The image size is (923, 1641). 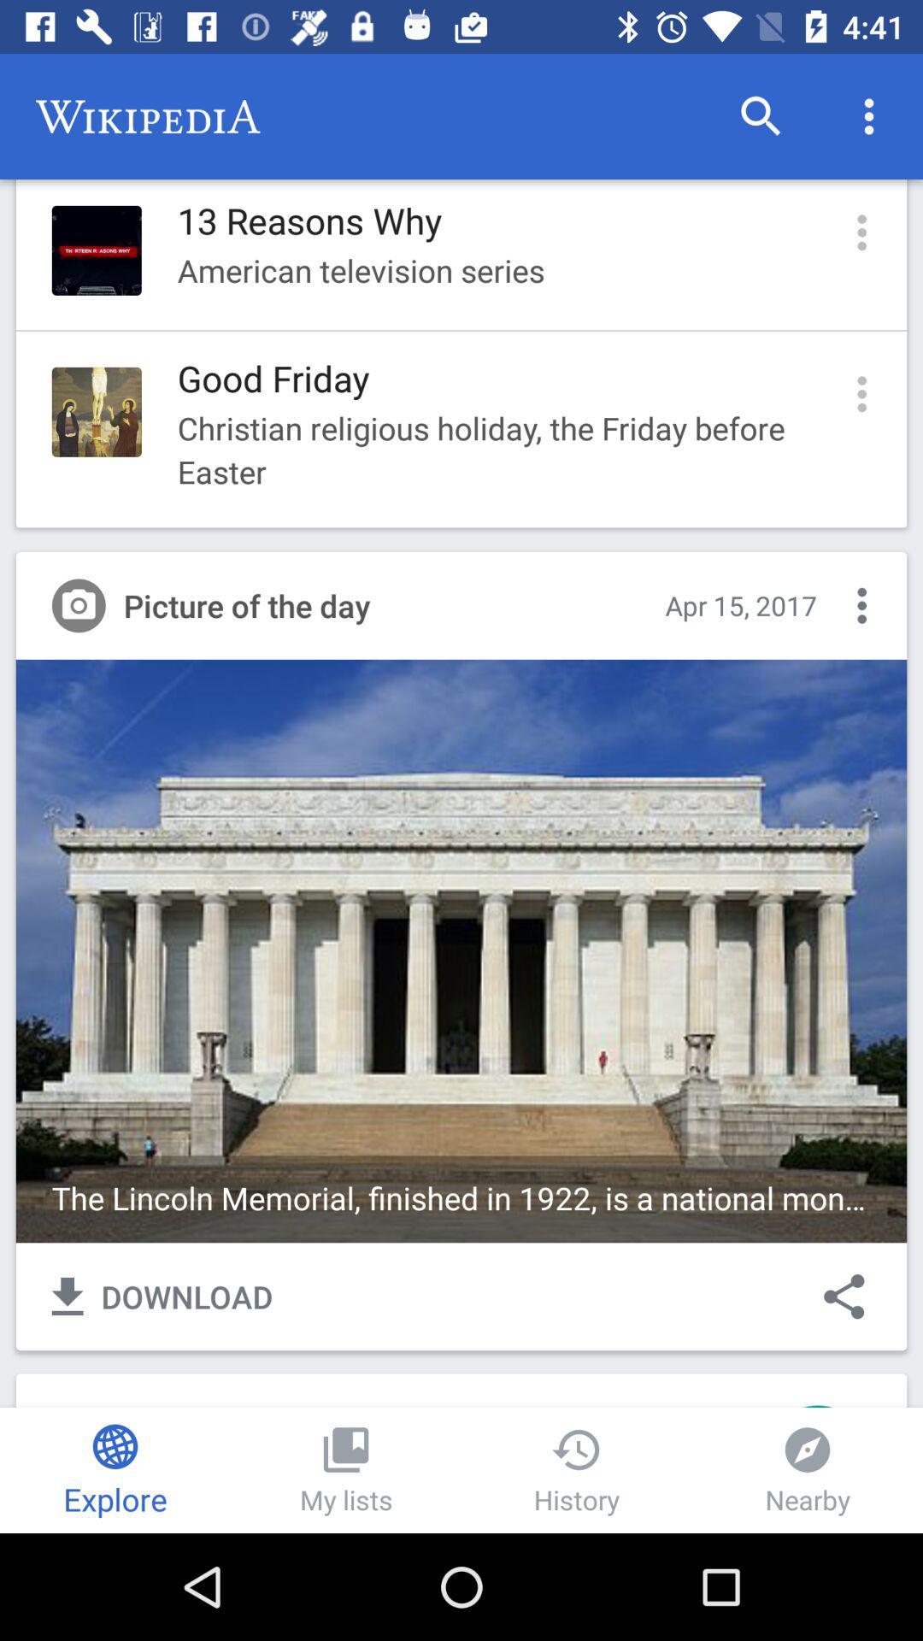 What do you see at coordinates (869, 116) in the screenshot?
I see `the more option symbol beside search option` at bounding box center [869, 116].